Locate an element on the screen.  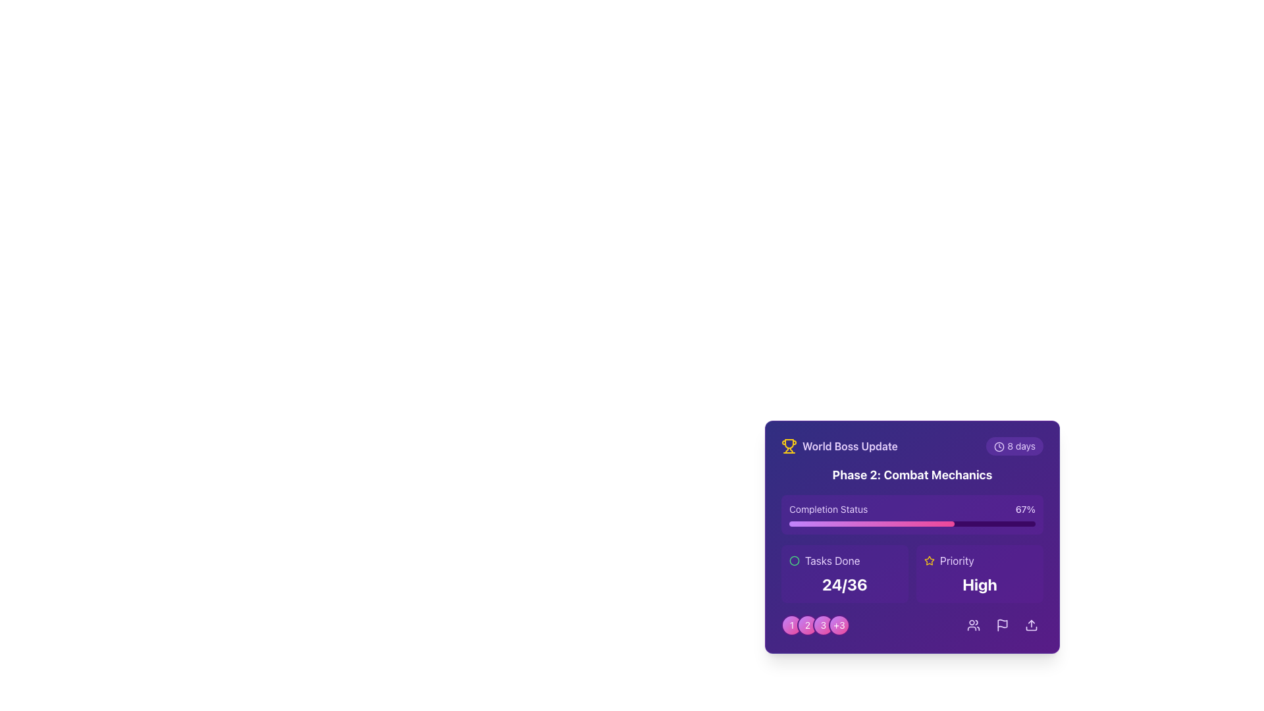
the yellow star icon with a hollow center next to the text 'Priority' to understand its role as a rating indicator is located at coordinates (928, 561).